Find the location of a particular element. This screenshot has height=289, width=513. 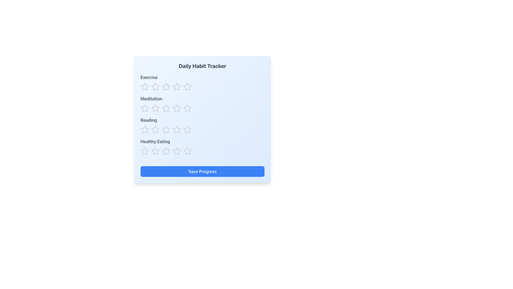

the second star icon in the five-star rating row for the 'Meditation' category is located at coordinates (177, 108).